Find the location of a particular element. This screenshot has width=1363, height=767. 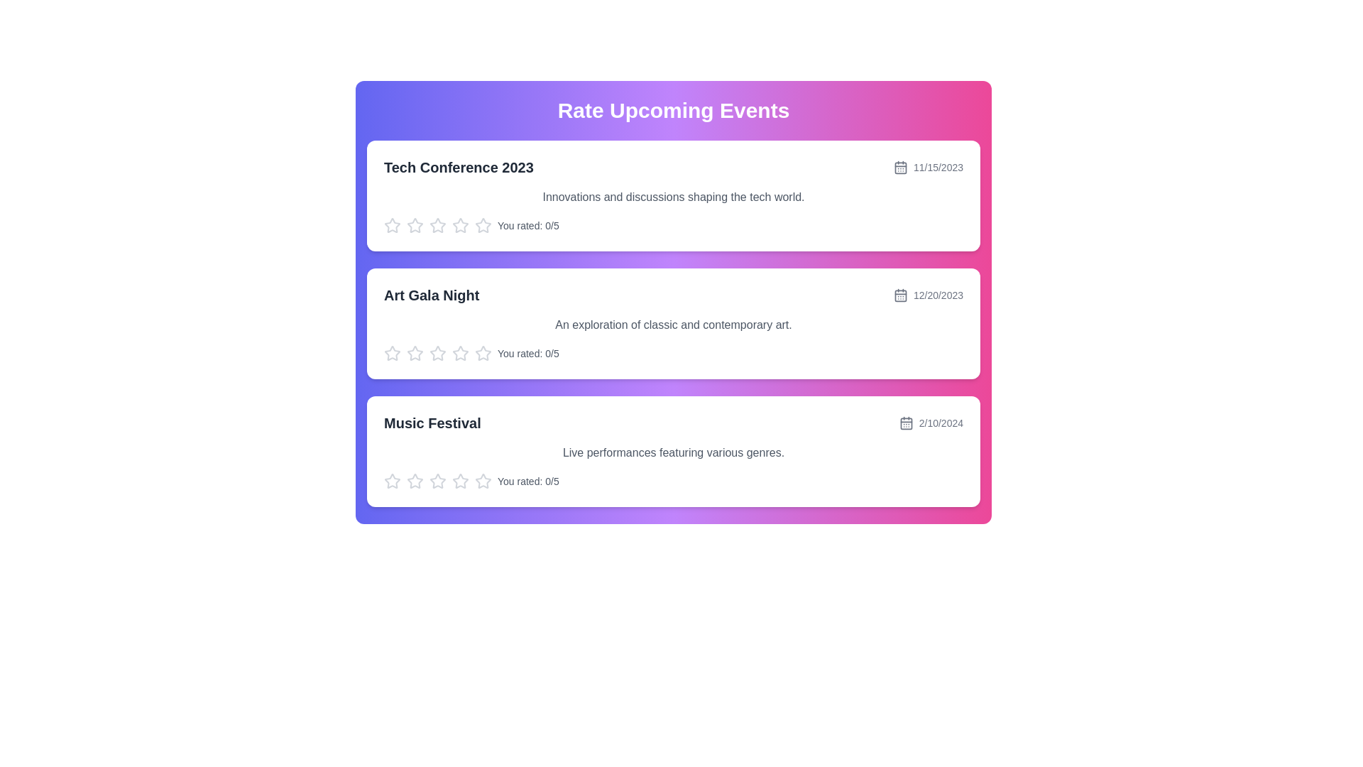

the first star in the row of five stars under the 'Music Festival' section to provide a rating is located at coordinates (415, 480).